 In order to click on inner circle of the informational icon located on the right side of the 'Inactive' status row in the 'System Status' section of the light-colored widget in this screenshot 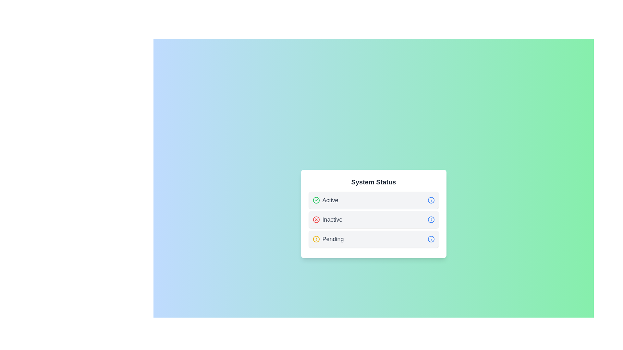, I will do `click(431, 219)`.